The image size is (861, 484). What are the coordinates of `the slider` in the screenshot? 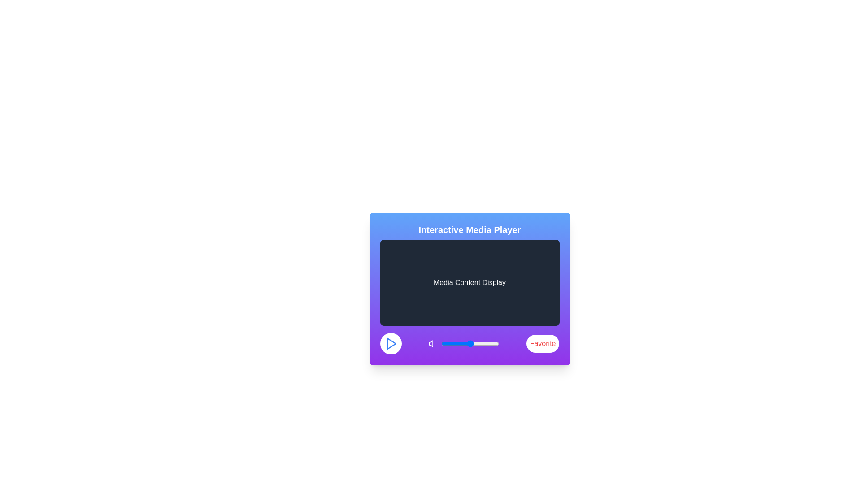 It's located at (445, 343).